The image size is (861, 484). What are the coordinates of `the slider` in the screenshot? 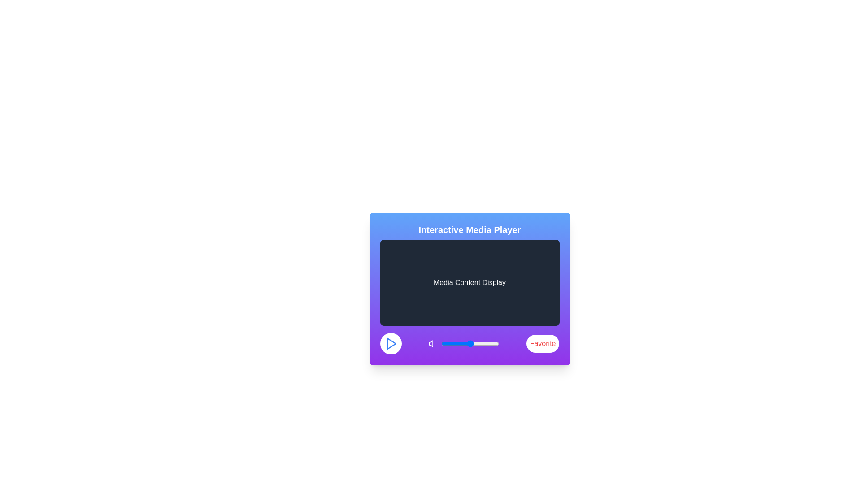 It's located at (445, 343).